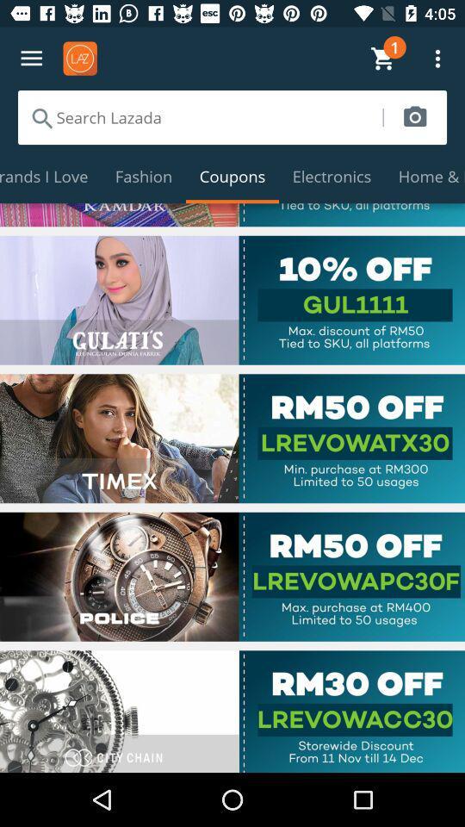  Describe the element at coordinates (31, 59) in the screenshot. I see `more options` at that location.